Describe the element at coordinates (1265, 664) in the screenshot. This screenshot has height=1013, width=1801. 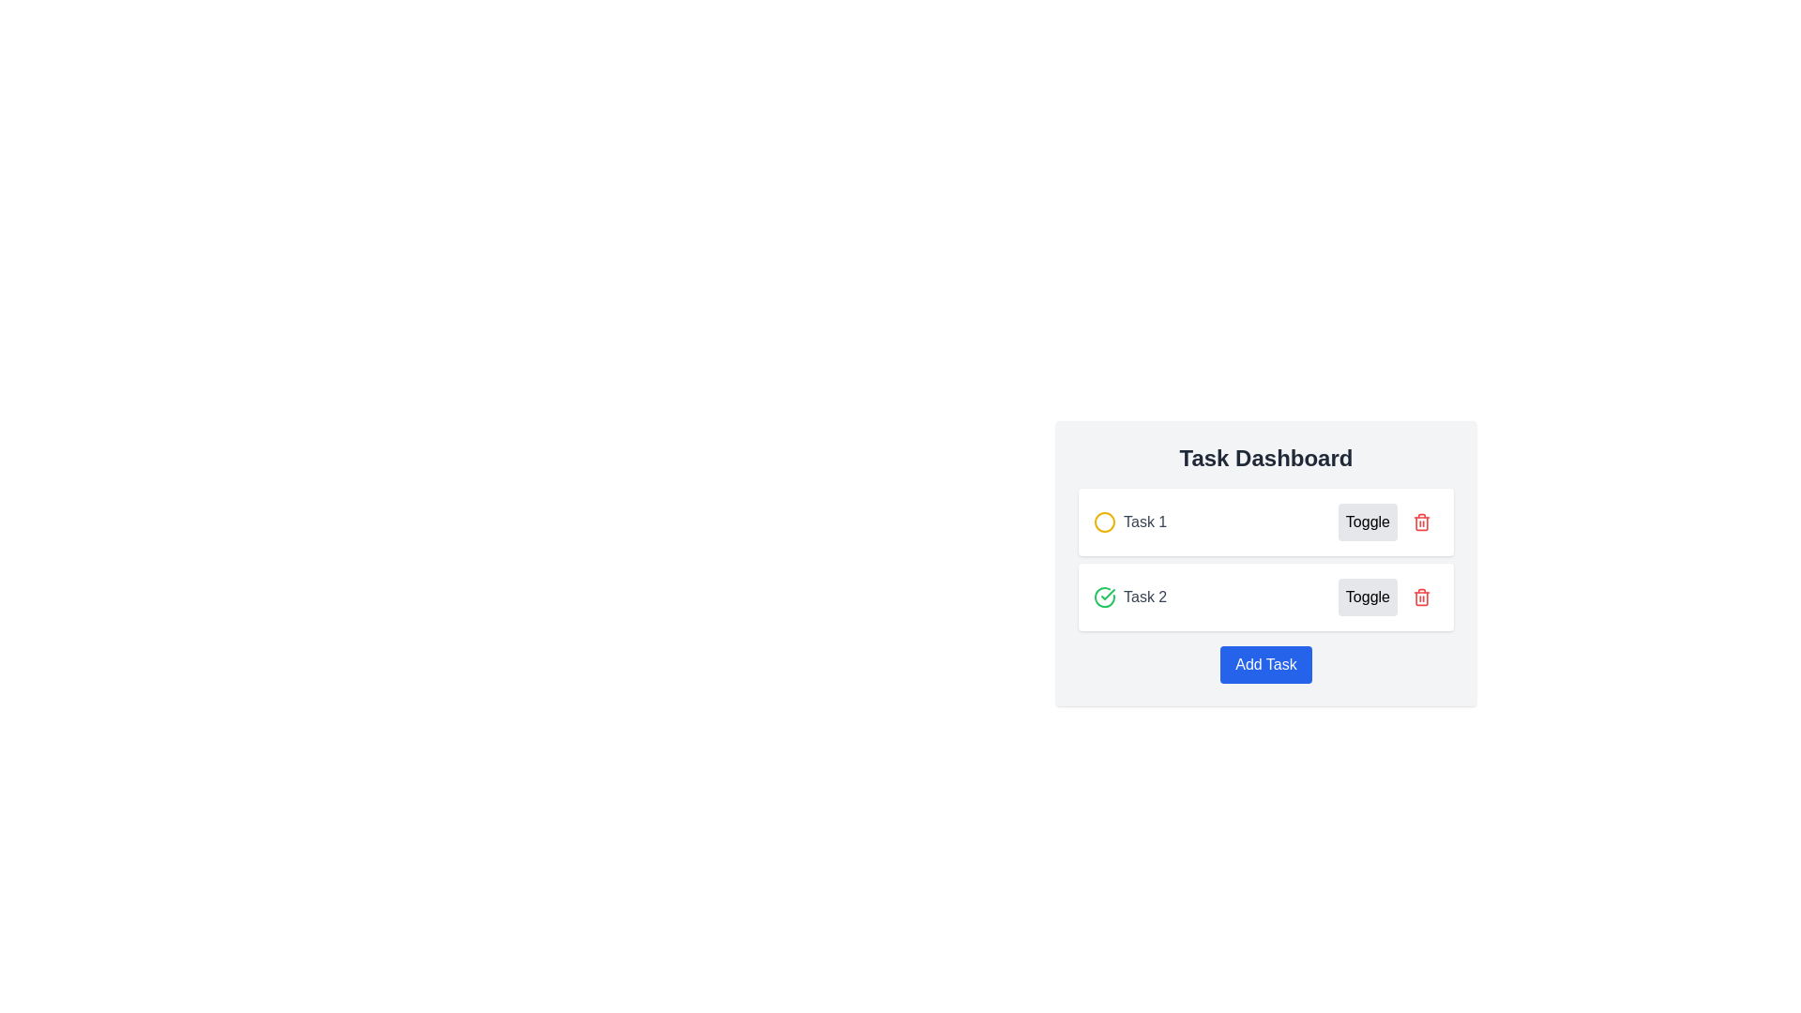
I see `the 'Add Task' button located at the bottom of the 'Task Dashboard'` at that location.